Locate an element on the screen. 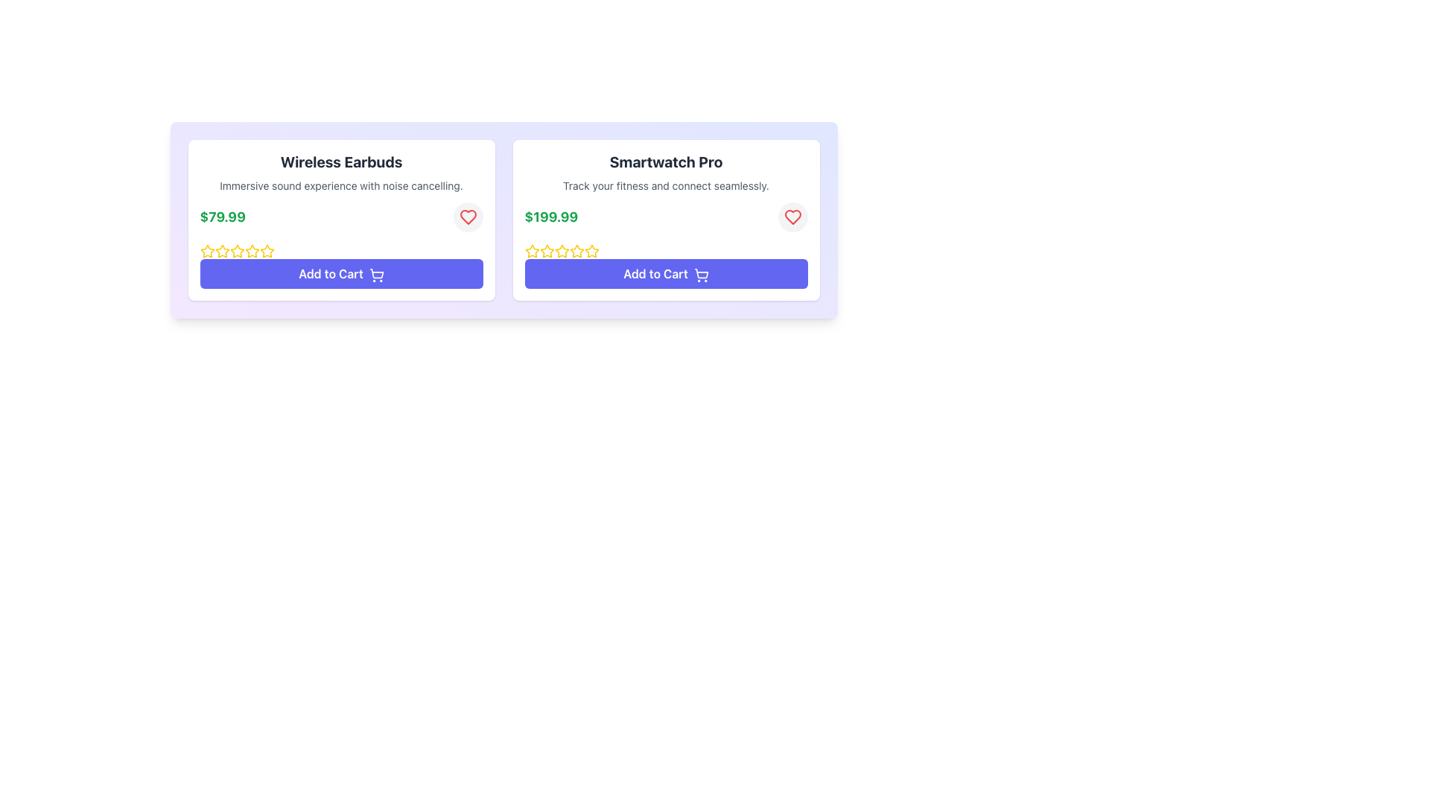 Image resolution: width=1430 pixels, height=804 pixels. the shopping cart icon embedded within the 'Add to Cart' button of the second product card for the 'Smartwatch Pro' is located at coordinates (700, 273).